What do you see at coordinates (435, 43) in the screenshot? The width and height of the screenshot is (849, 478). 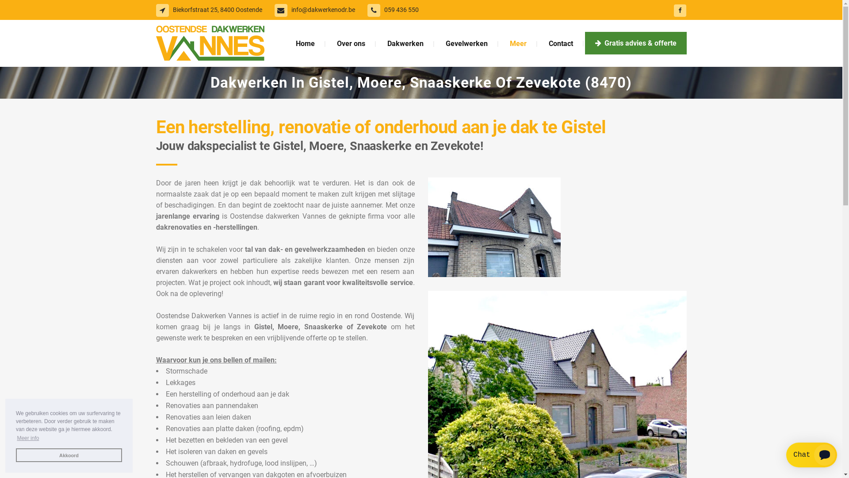 I see `'Gevelwerken'` at bounding box center [435, 43].